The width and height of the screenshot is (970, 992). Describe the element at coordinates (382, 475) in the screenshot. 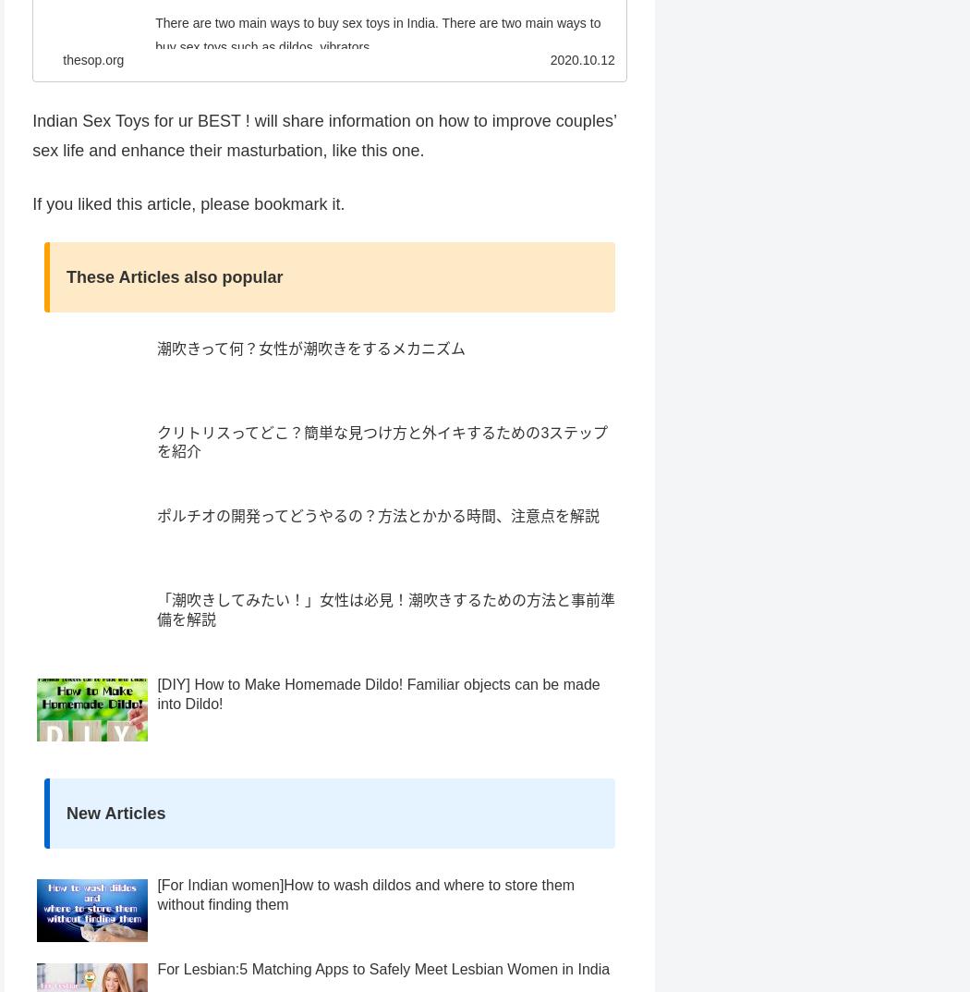

I see `'クリトリスってどこ？簡単な見つけ方と外イキするための3ステップを紹介'` at that location.